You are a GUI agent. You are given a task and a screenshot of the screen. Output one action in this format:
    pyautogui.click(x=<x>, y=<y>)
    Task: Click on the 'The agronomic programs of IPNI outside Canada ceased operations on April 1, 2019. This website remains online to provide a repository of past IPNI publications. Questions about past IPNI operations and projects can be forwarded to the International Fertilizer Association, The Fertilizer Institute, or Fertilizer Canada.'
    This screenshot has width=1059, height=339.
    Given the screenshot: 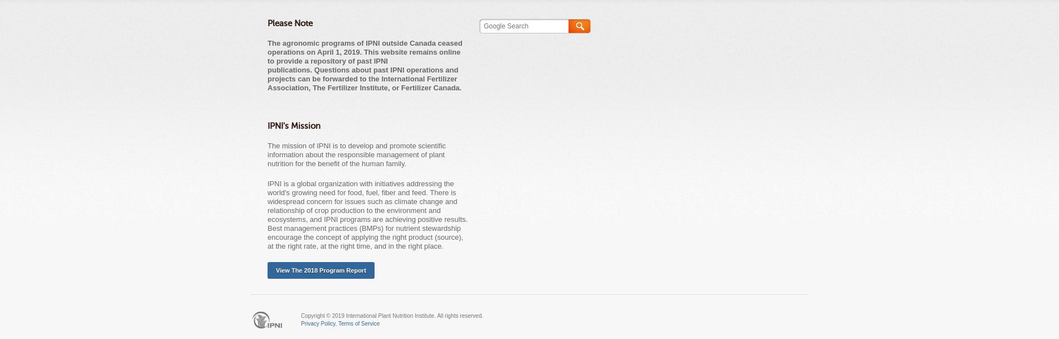 What is the action you would take?
    pyautogui.click(x=365, y=65)
    